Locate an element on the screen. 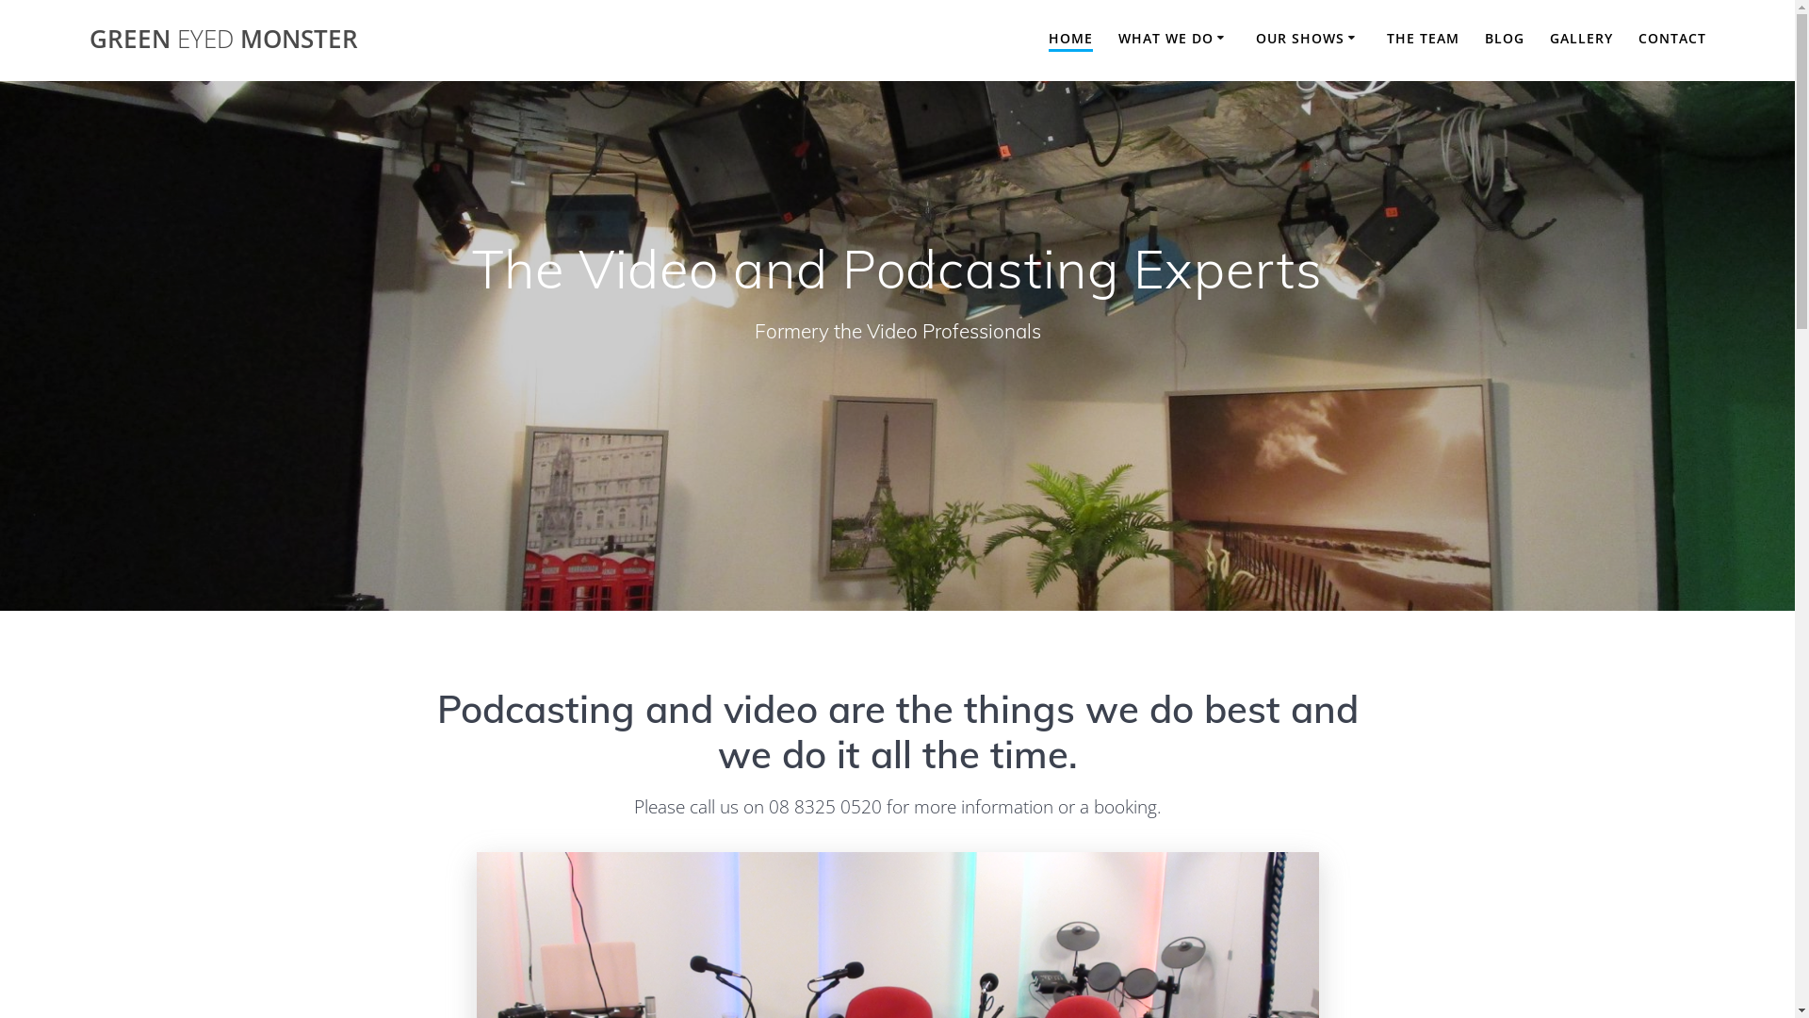 The image size is (1809, 1018). 'OUR SHOWS' is located at coordinates (1307, 40).